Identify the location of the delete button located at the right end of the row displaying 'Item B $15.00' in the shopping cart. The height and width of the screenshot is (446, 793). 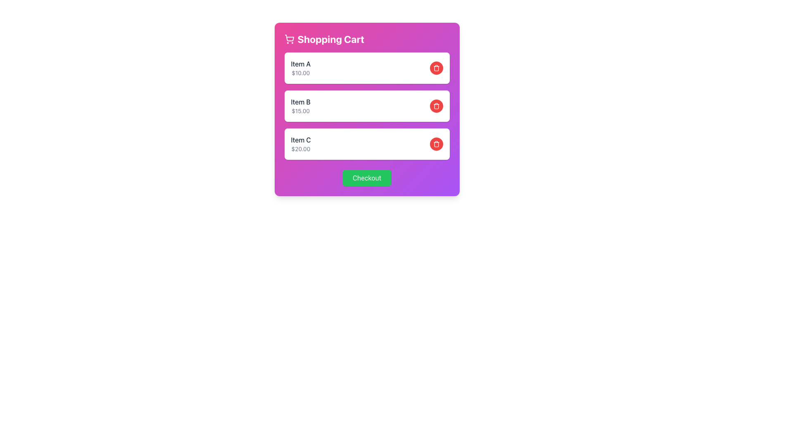
(436, 106).